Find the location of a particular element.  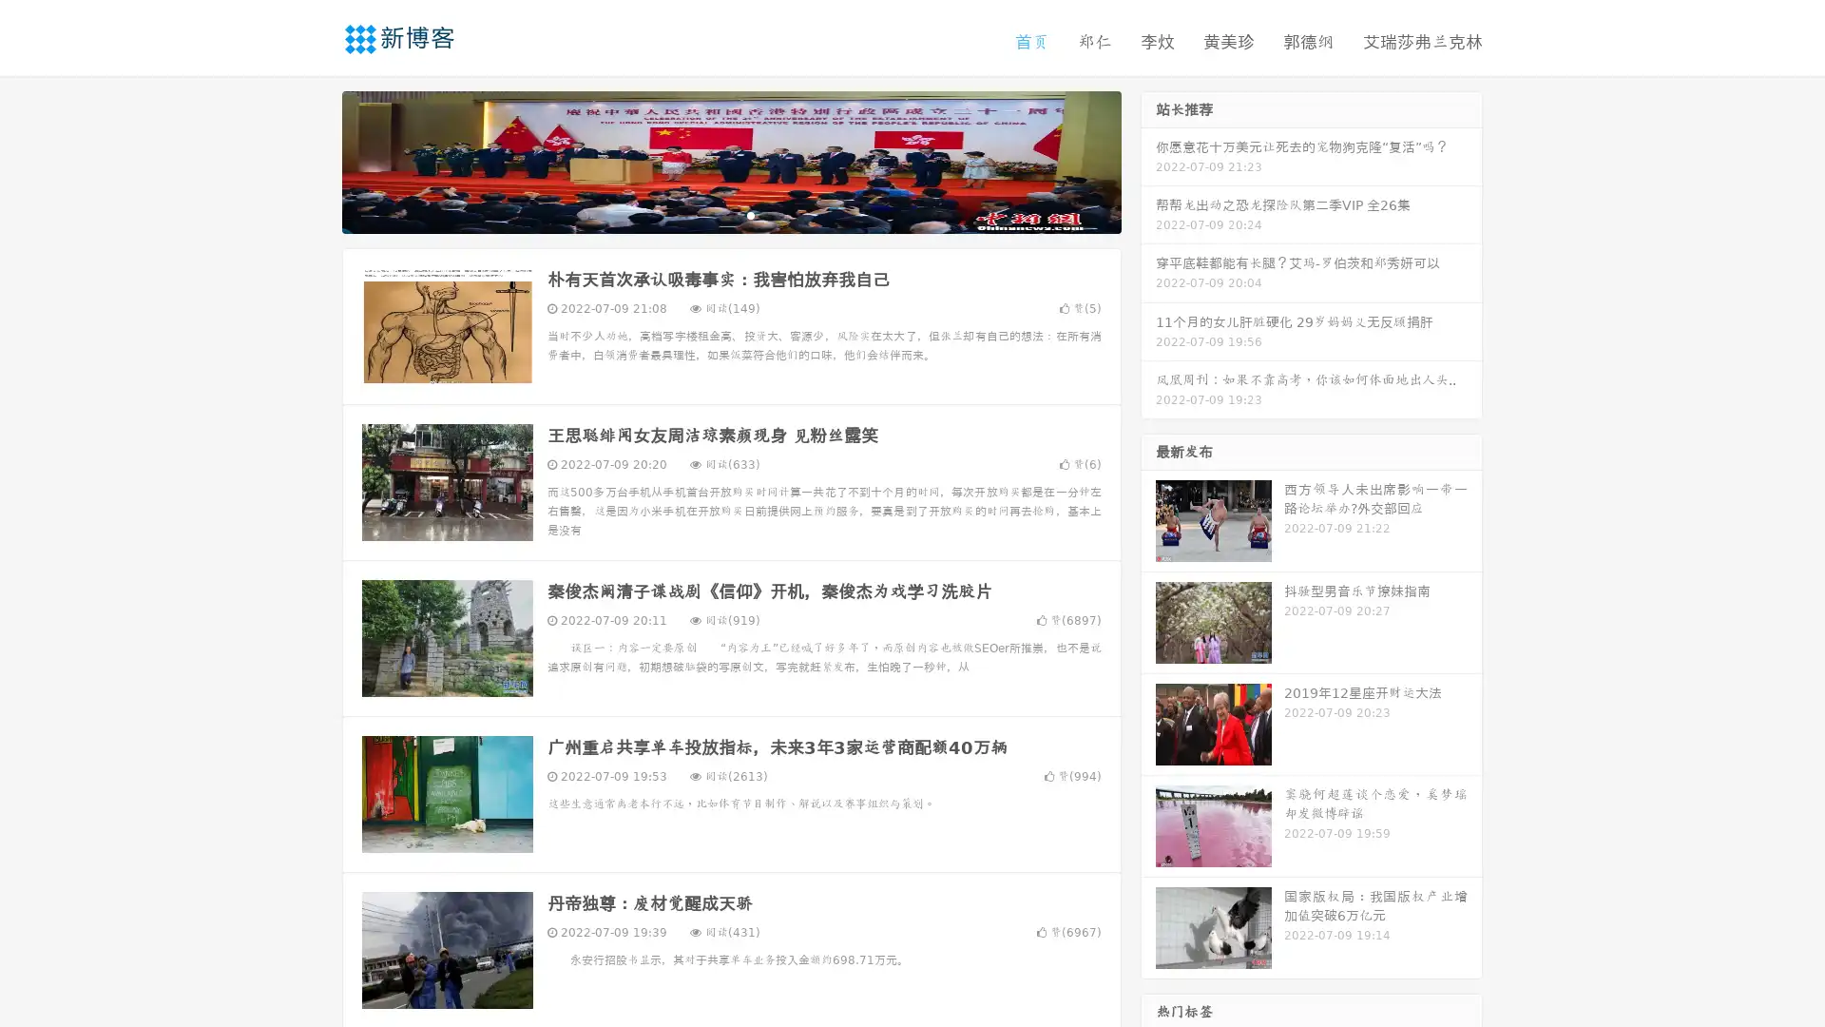

Previous slide is located at coordinates (314, 160).